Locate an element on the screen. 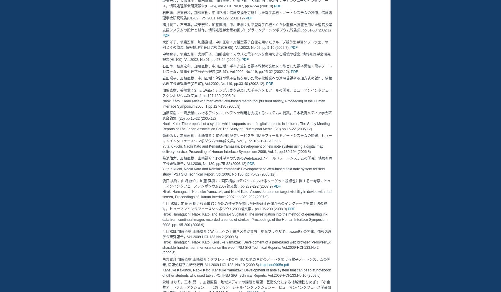 The height and width of the screenshot is (292, 501). 'kakuhou0905a.pdf' is located at coordinates (274, 265).